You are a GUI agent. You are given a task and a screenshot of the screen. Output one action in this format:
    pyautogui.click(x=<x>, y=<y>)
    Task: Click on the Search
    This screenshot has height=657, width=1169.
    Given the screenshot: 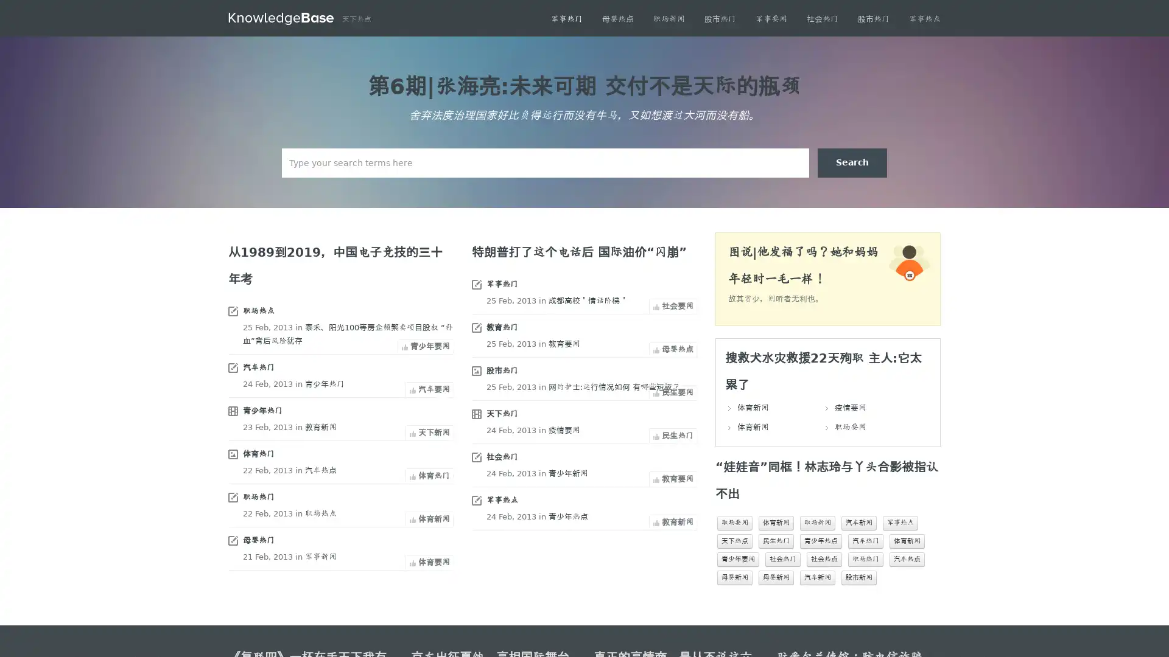 What is the action you would take?
    pyautogui.click(x=852, y=162)
    